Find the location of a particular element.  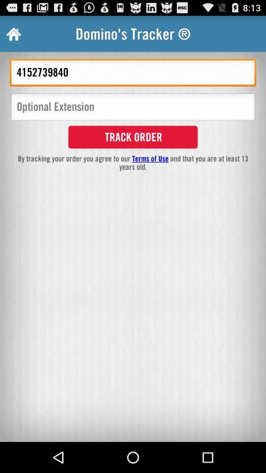

extension number is located at coordinates (133, 108).